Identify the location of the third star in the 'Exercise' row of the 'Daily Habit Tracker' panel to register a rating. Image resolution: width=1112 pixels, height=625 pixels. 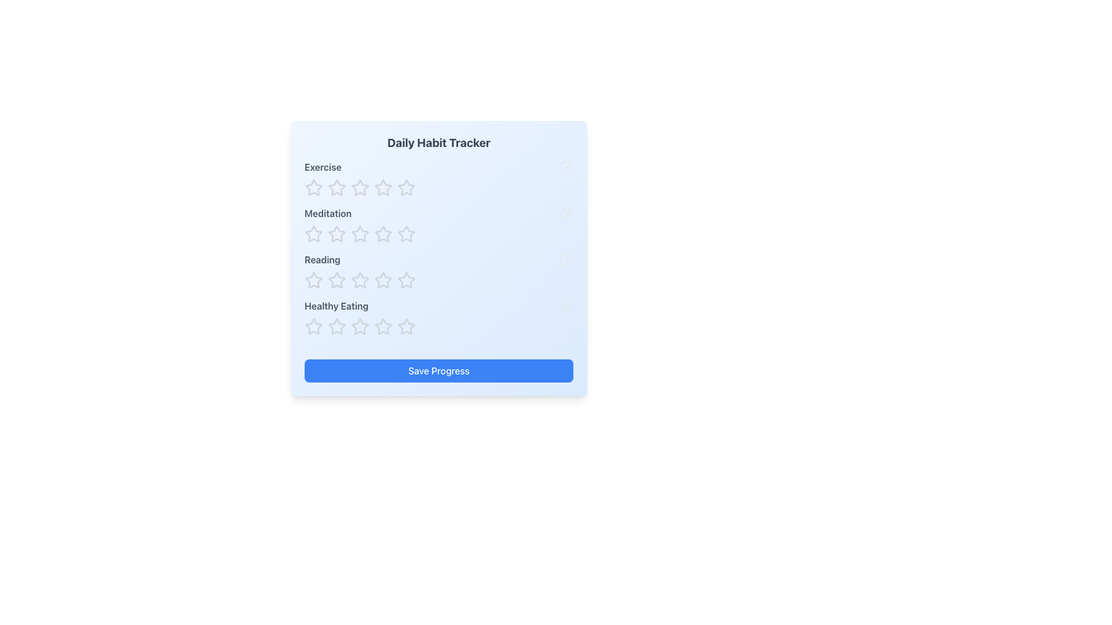
(406, 187).